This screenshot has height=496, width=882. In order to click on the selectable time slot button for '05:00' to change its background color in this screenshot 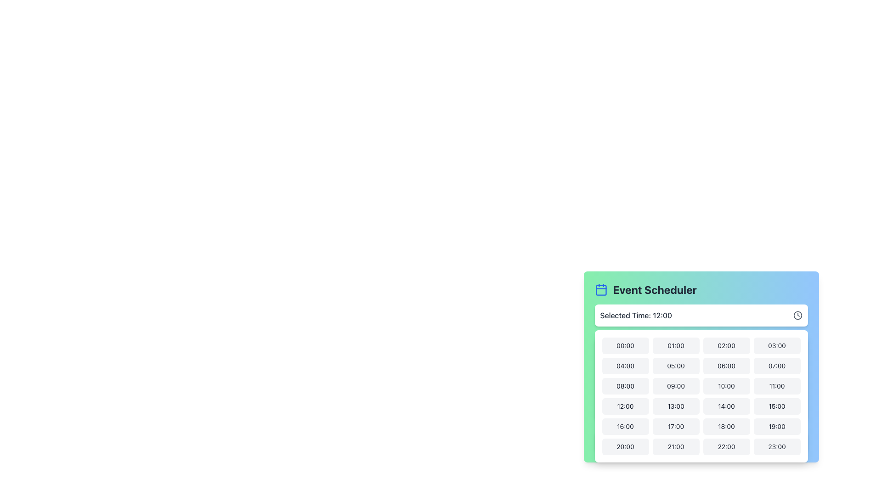, I will do `click(676, 366)`.